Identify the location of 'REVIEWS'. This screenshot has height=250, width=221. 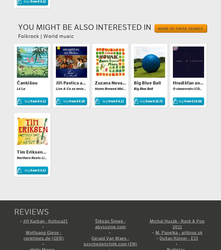
(31, 212).